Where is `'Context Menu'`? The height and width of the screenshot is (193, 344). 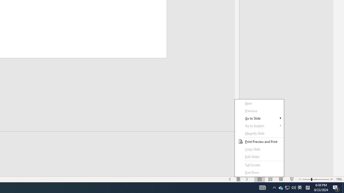
'Context Menu' is located at coordinates (259, 138).